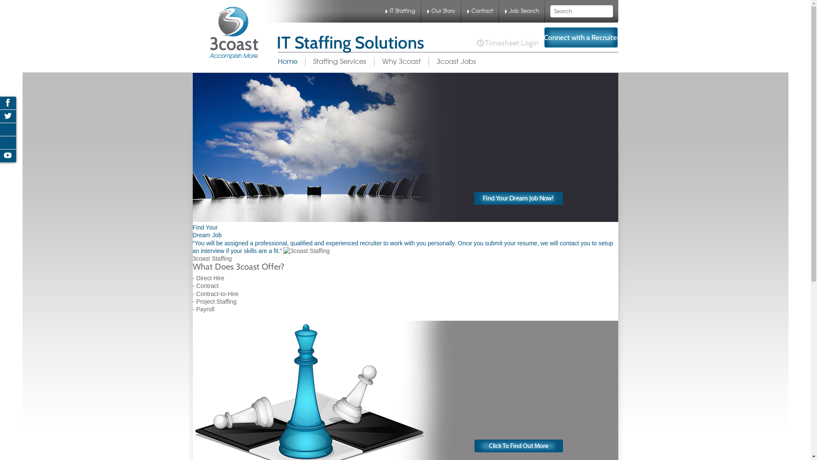 This screenshot has width=817, height=460. I want to click on 'Home', so click(277, 61).